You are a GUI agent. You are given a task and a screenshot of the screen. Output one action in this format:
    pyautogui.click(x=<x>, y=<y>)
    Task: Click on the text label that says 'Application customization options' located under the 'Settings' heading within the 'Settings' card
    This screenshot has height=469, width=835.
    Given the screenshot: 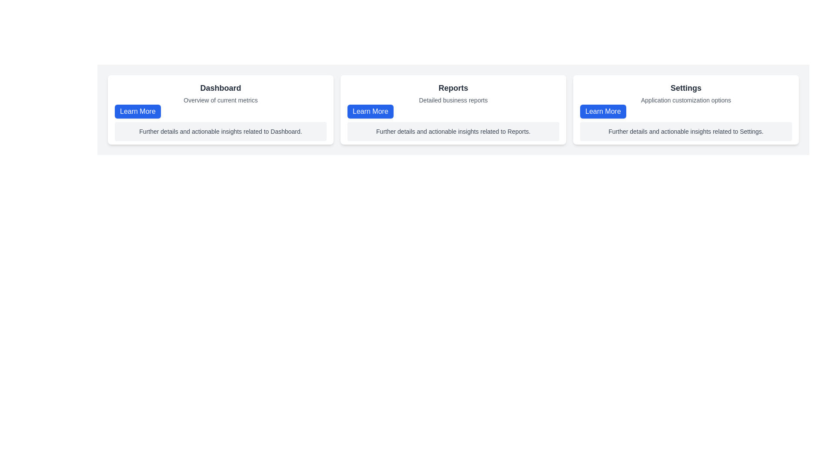 What is the action you would take?
    pyautogui.click(x=685, y=100)
    